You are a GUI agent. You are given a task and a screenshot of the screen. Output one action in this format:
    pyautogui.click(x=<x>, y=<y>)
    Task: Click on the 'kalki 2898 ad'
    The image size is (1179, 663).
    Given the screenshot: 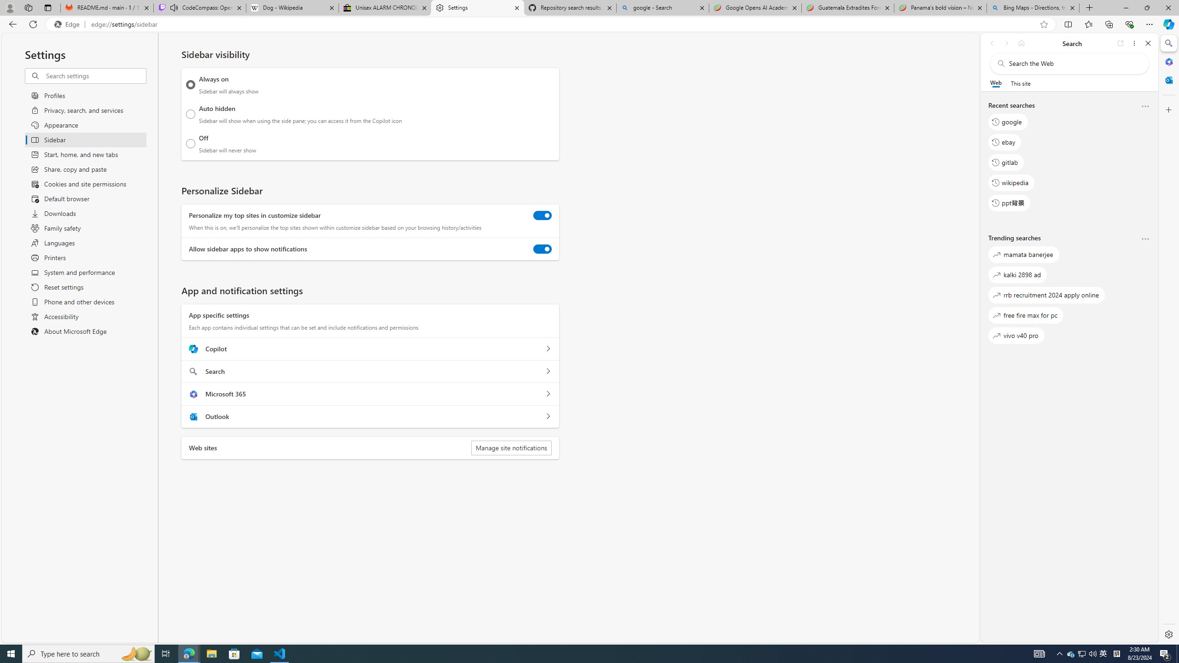 What is the action you would take?
    pyautogui.click(x=1017, y=274)
    